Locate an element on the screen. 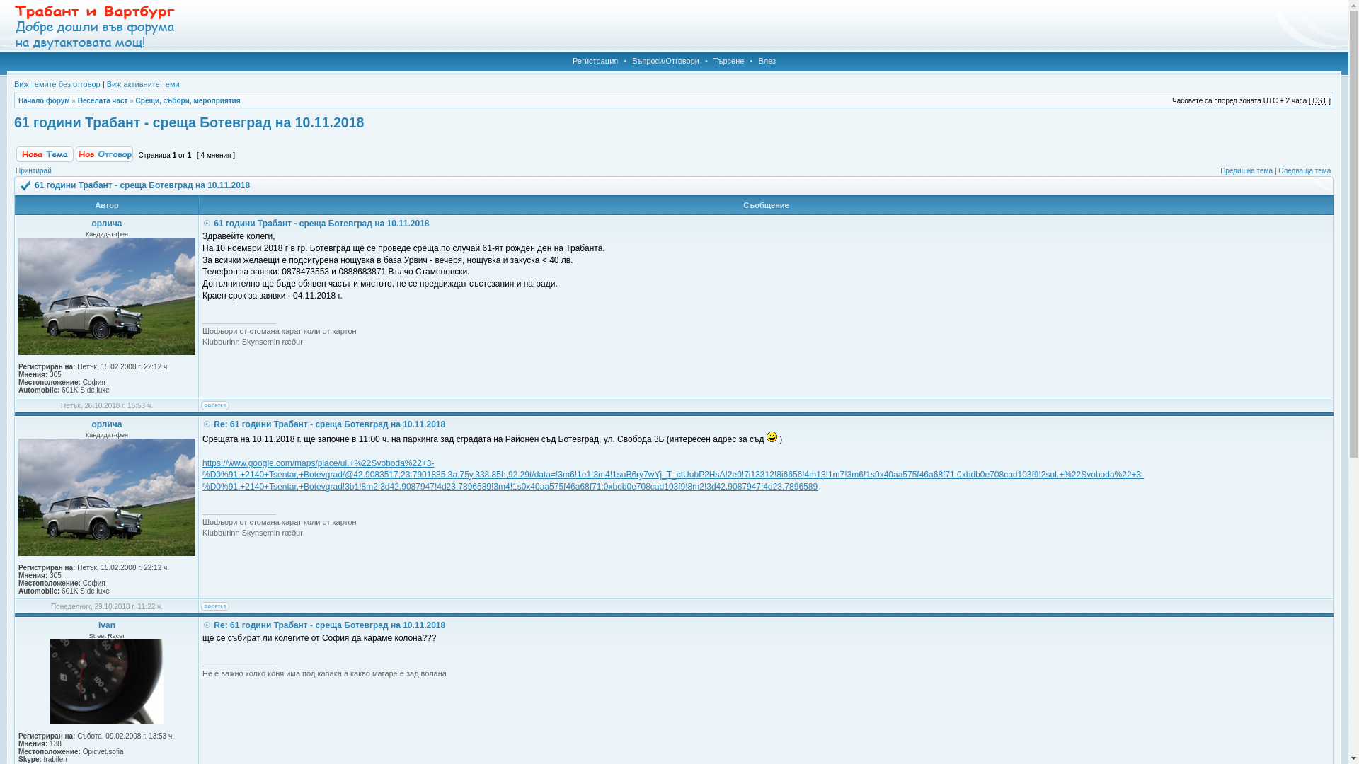 The width and height of the screenshot is (1359, 764). 'Smile' is located at coordinates (766, 436).